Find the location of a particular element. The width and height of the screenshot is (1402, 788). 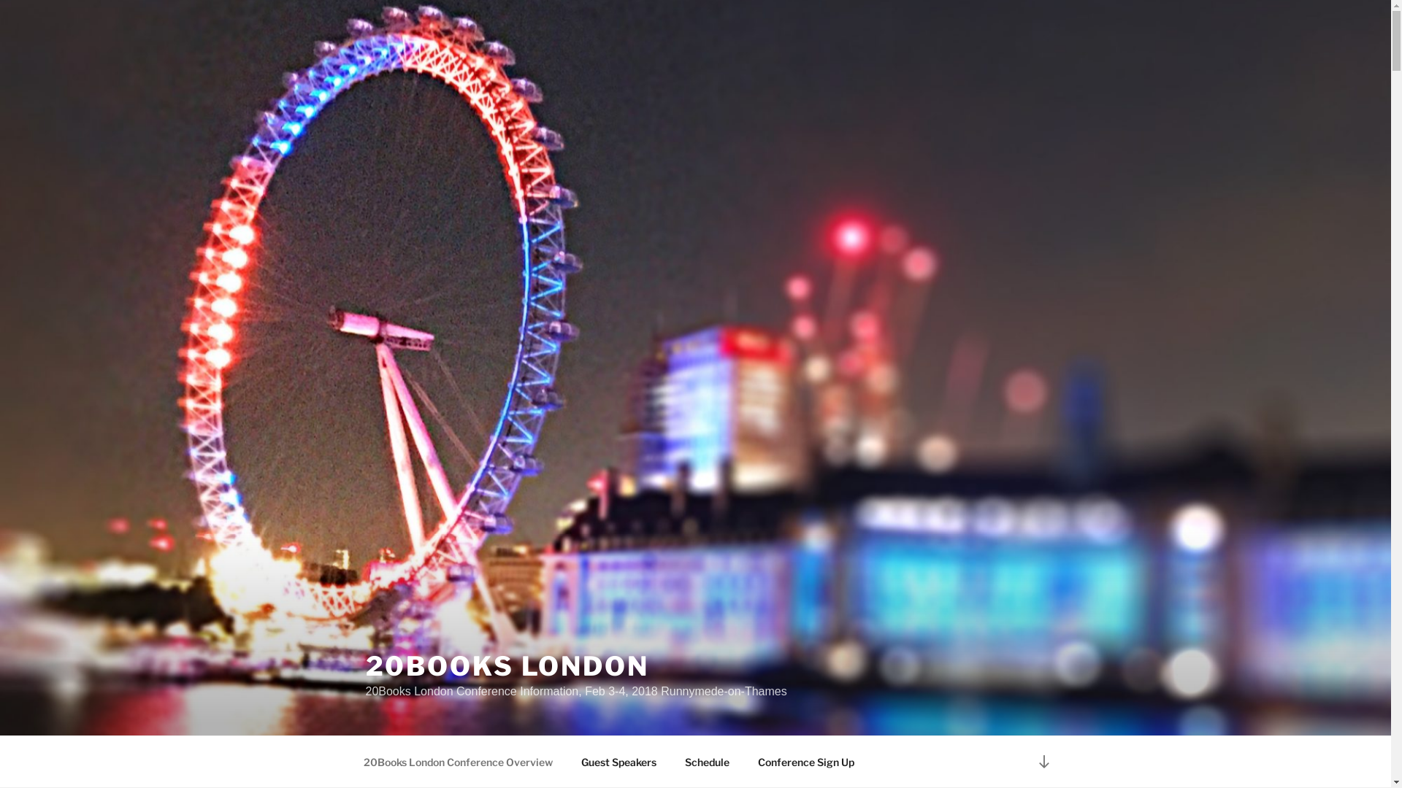

'20BOOKS LONDON' is located at coordinates (507, 666).